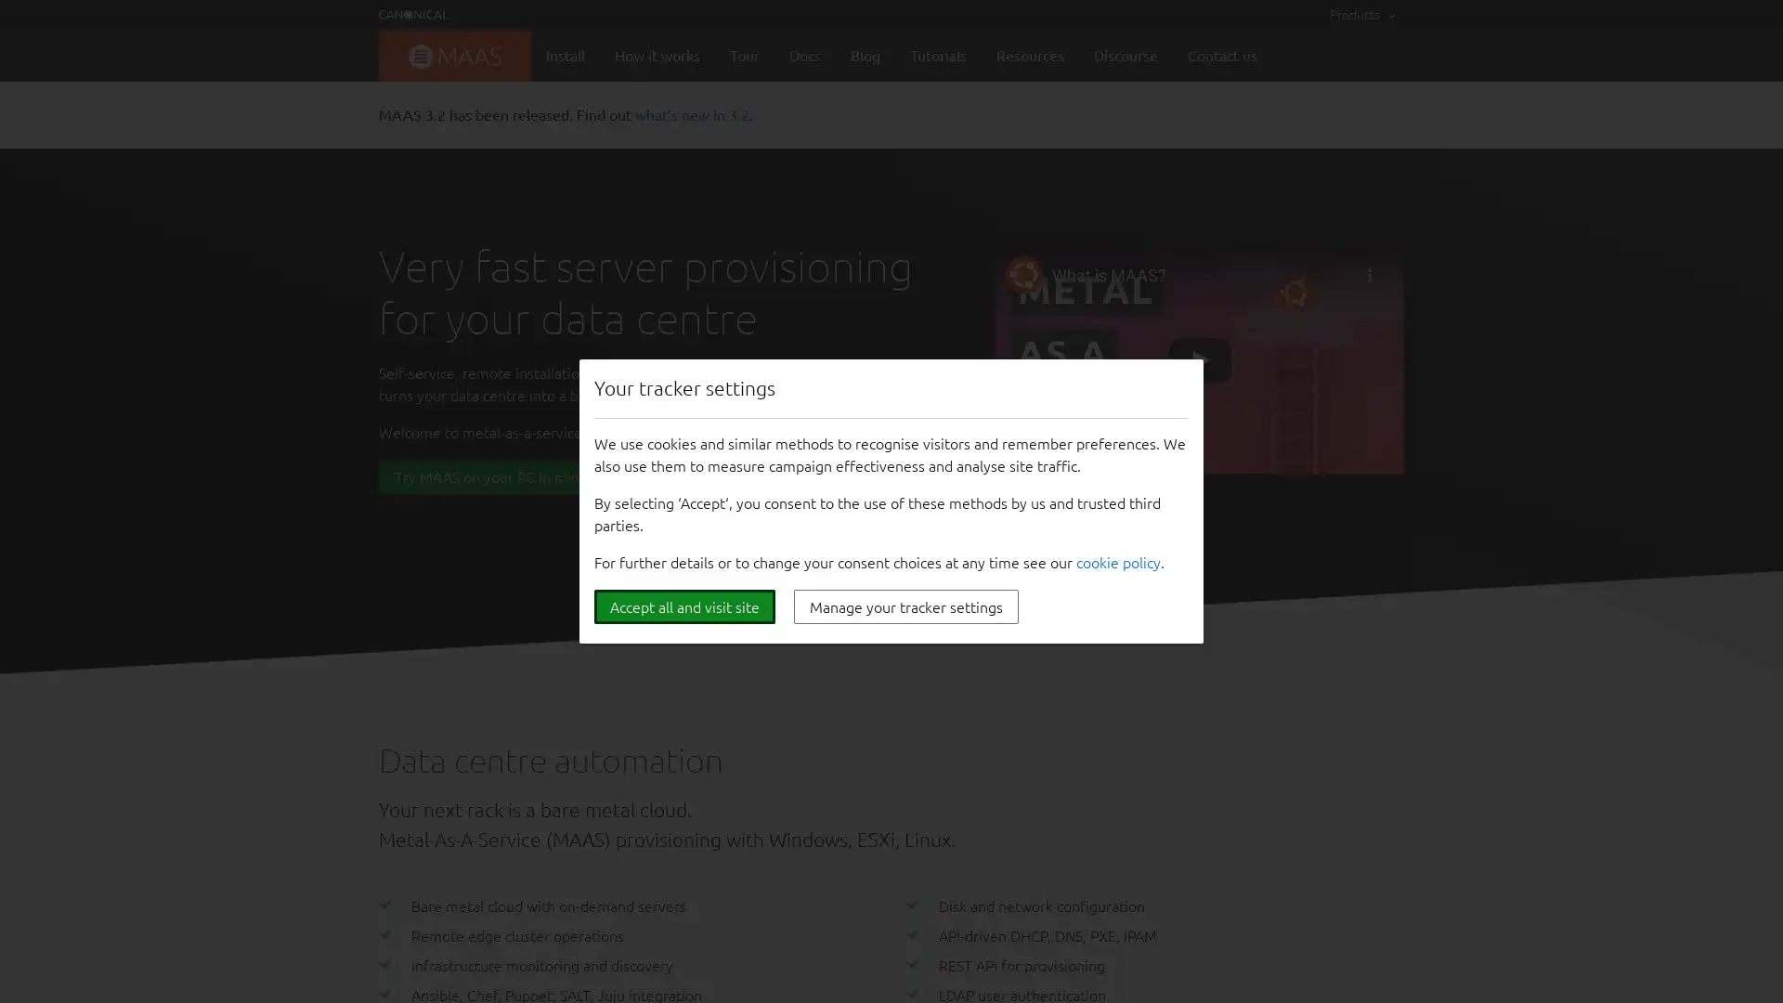  I want to click on Manage your tracker settings, so click(905, 606).